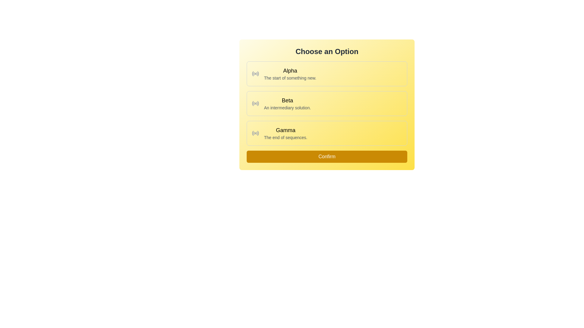 This screenshot has width=584, height=328. What do you see at coordinates (327, 133) in the screenshot?
I see `the third selectable option in the vertical list` at bounding box center [327, 133].